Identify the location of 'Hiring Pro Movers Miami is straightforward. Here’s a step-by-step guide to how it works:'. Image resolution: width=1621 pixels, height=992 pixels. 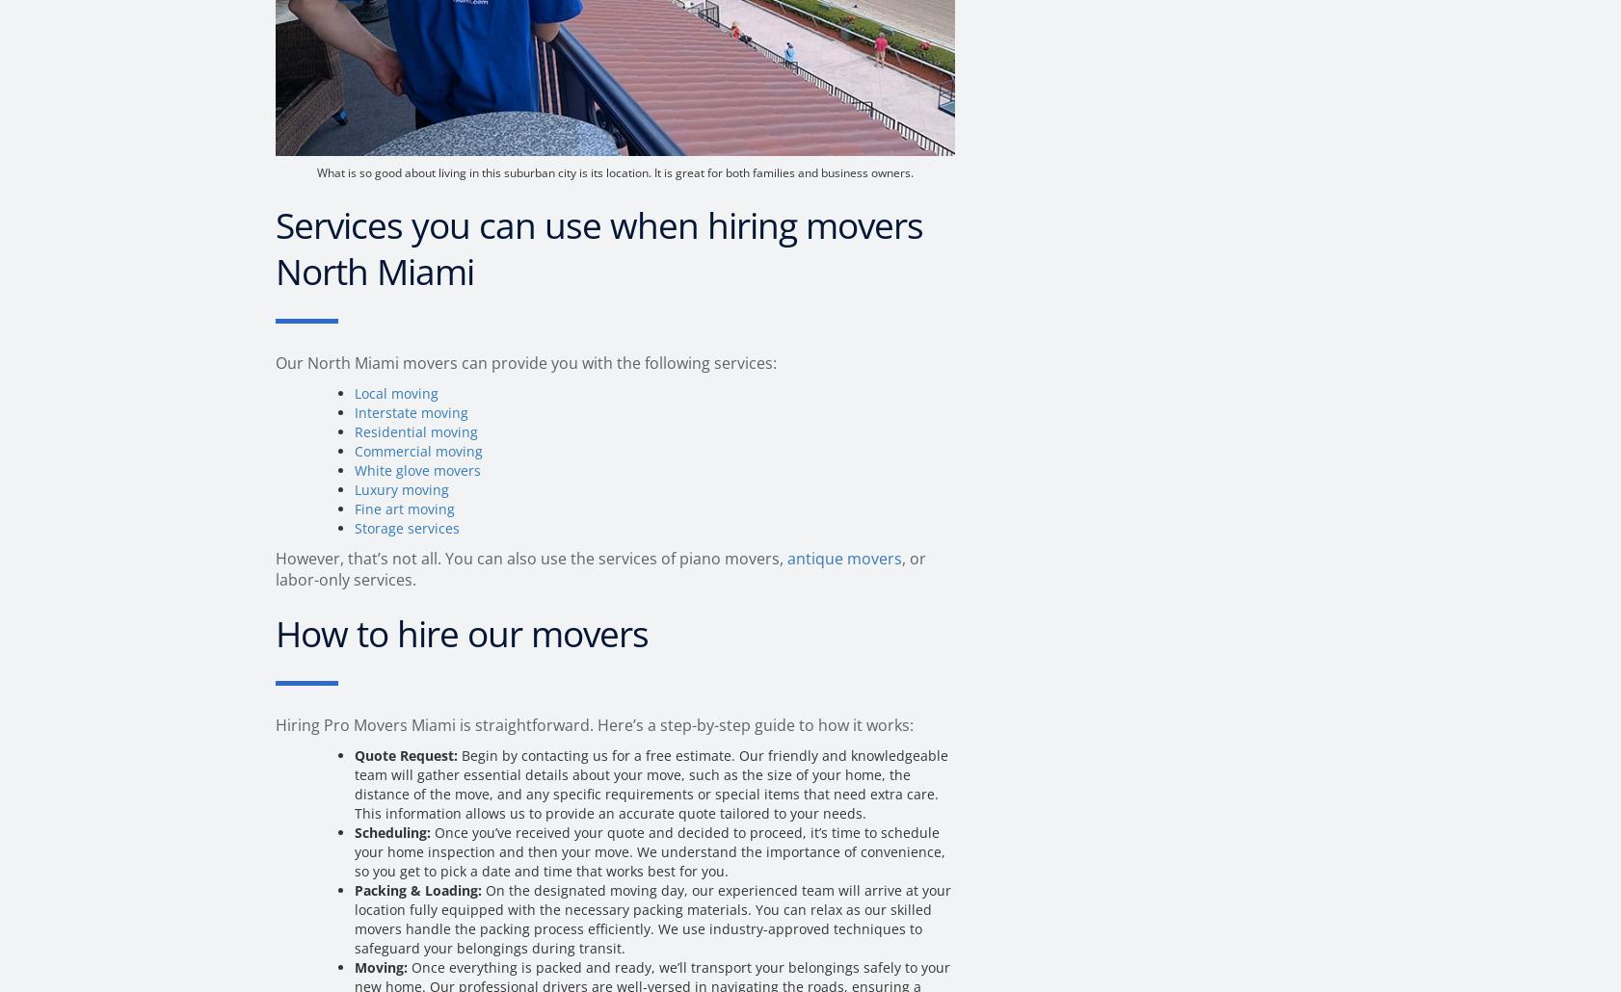
(274, 725).